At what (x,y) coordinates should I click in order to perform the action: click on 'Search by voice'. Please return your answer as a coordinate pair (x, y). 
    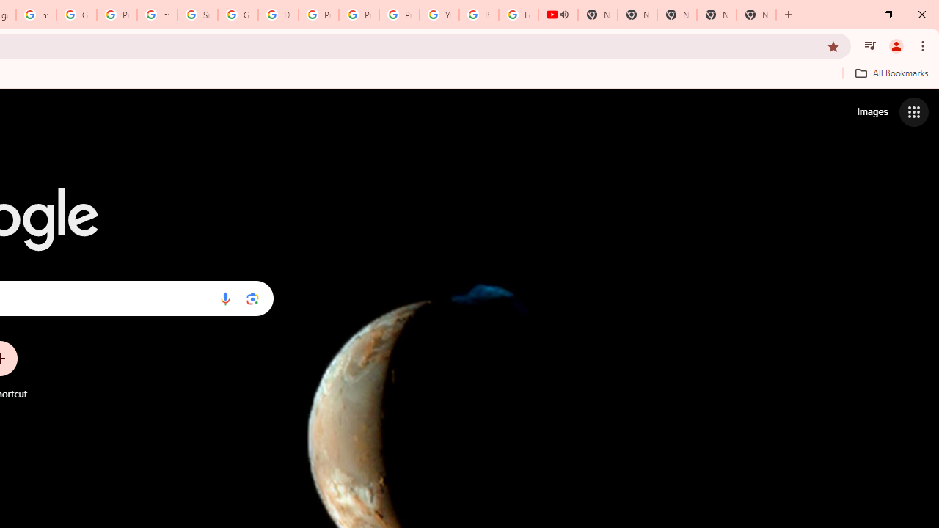
    Looking at the image, I should click on (224, 298).